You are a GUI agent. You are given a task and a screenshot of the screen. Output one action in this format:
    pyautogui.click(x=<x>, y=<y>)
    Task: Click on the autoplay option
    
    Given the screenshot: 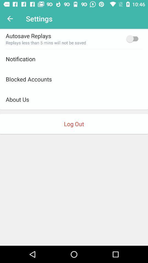 What is the action you would take?
    pyautogui.click(x=133, y=38)
    